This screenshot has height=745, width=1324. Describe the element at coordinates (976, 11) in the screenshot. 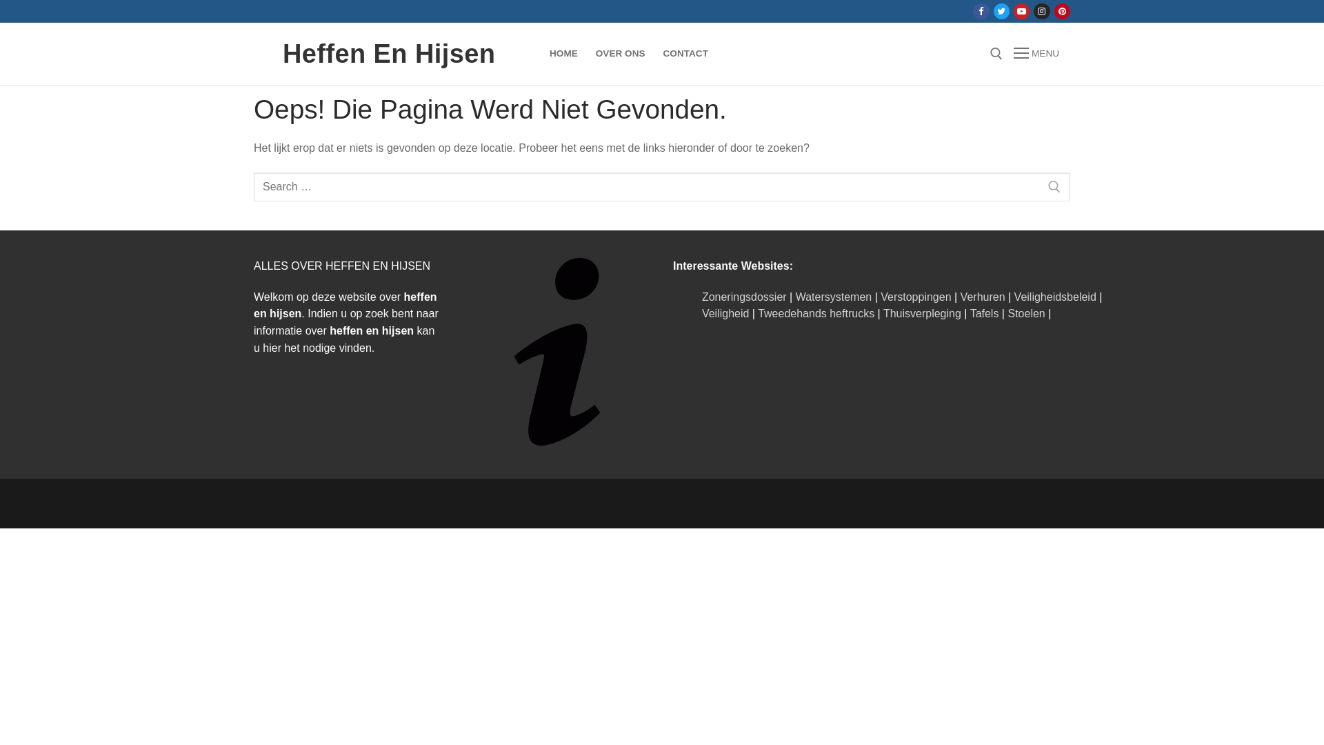

I see `'Facebook'` at that location.